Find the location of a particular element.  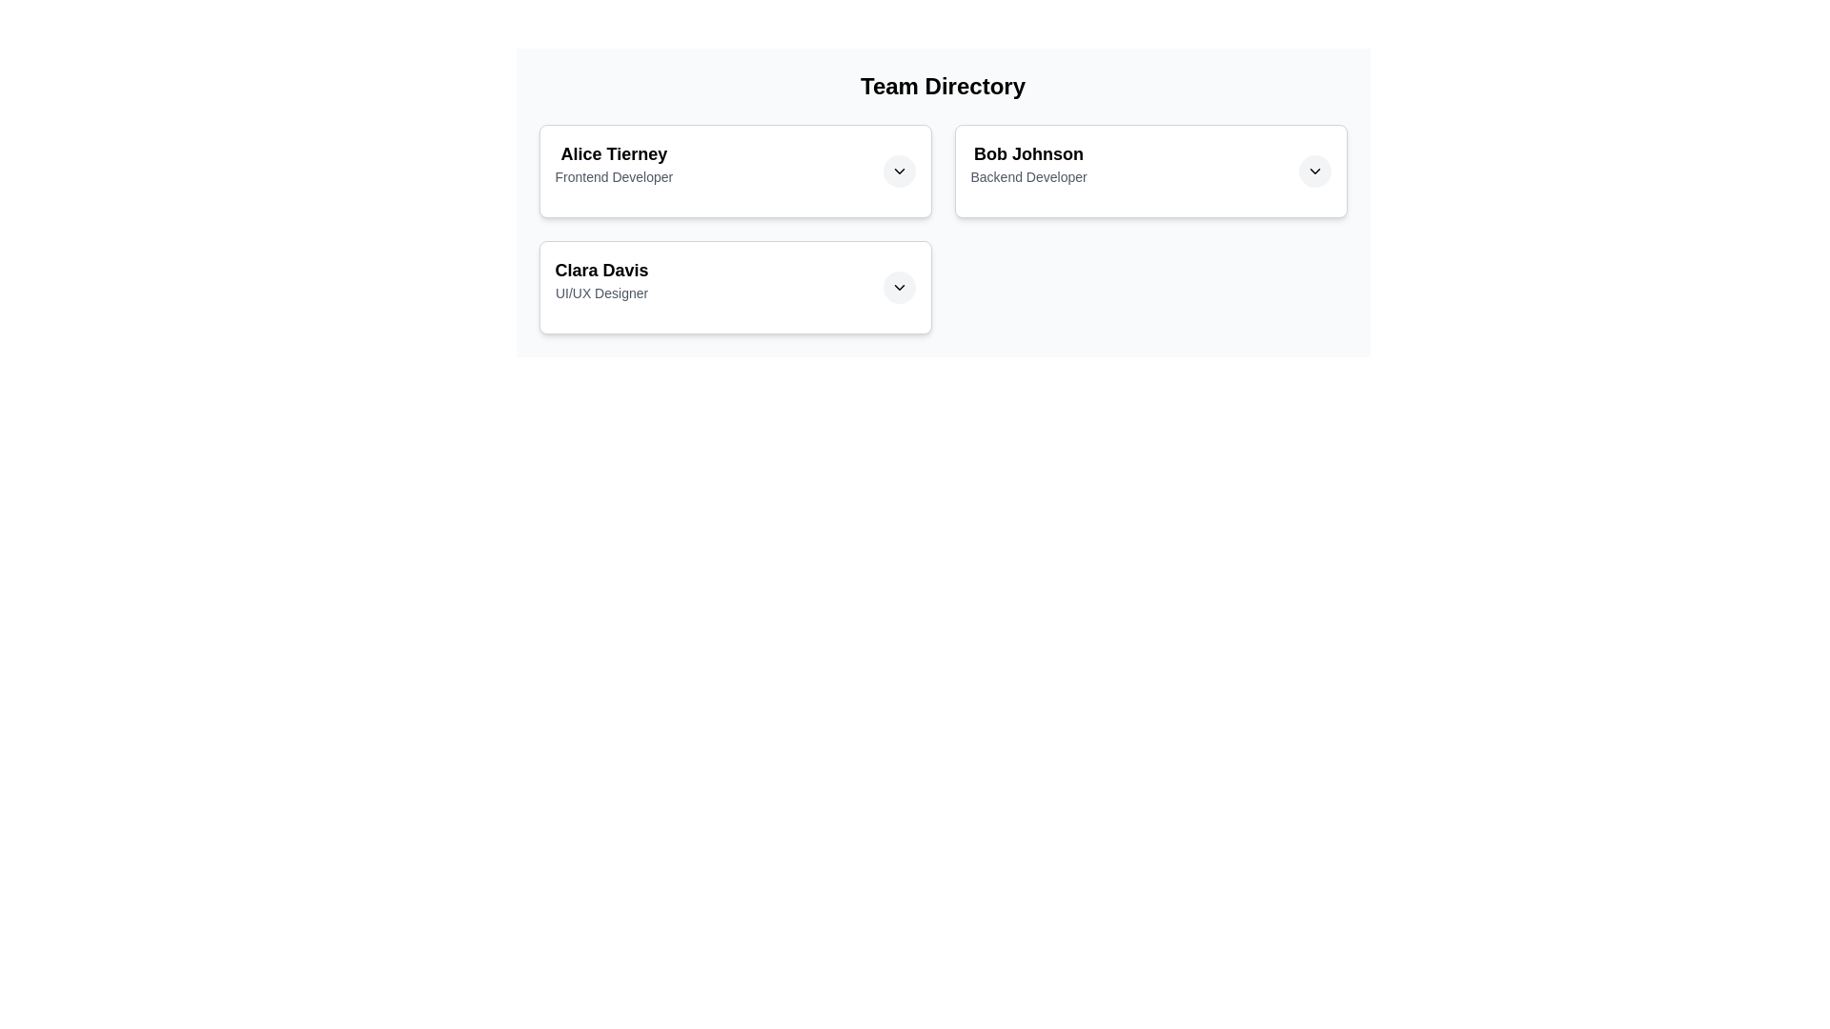

bold text label displaying the name 'Clara Davis' located at the top-left corner of a card, positioned above the text 'UI/UX Designer' is located at coordinates (600, 271).